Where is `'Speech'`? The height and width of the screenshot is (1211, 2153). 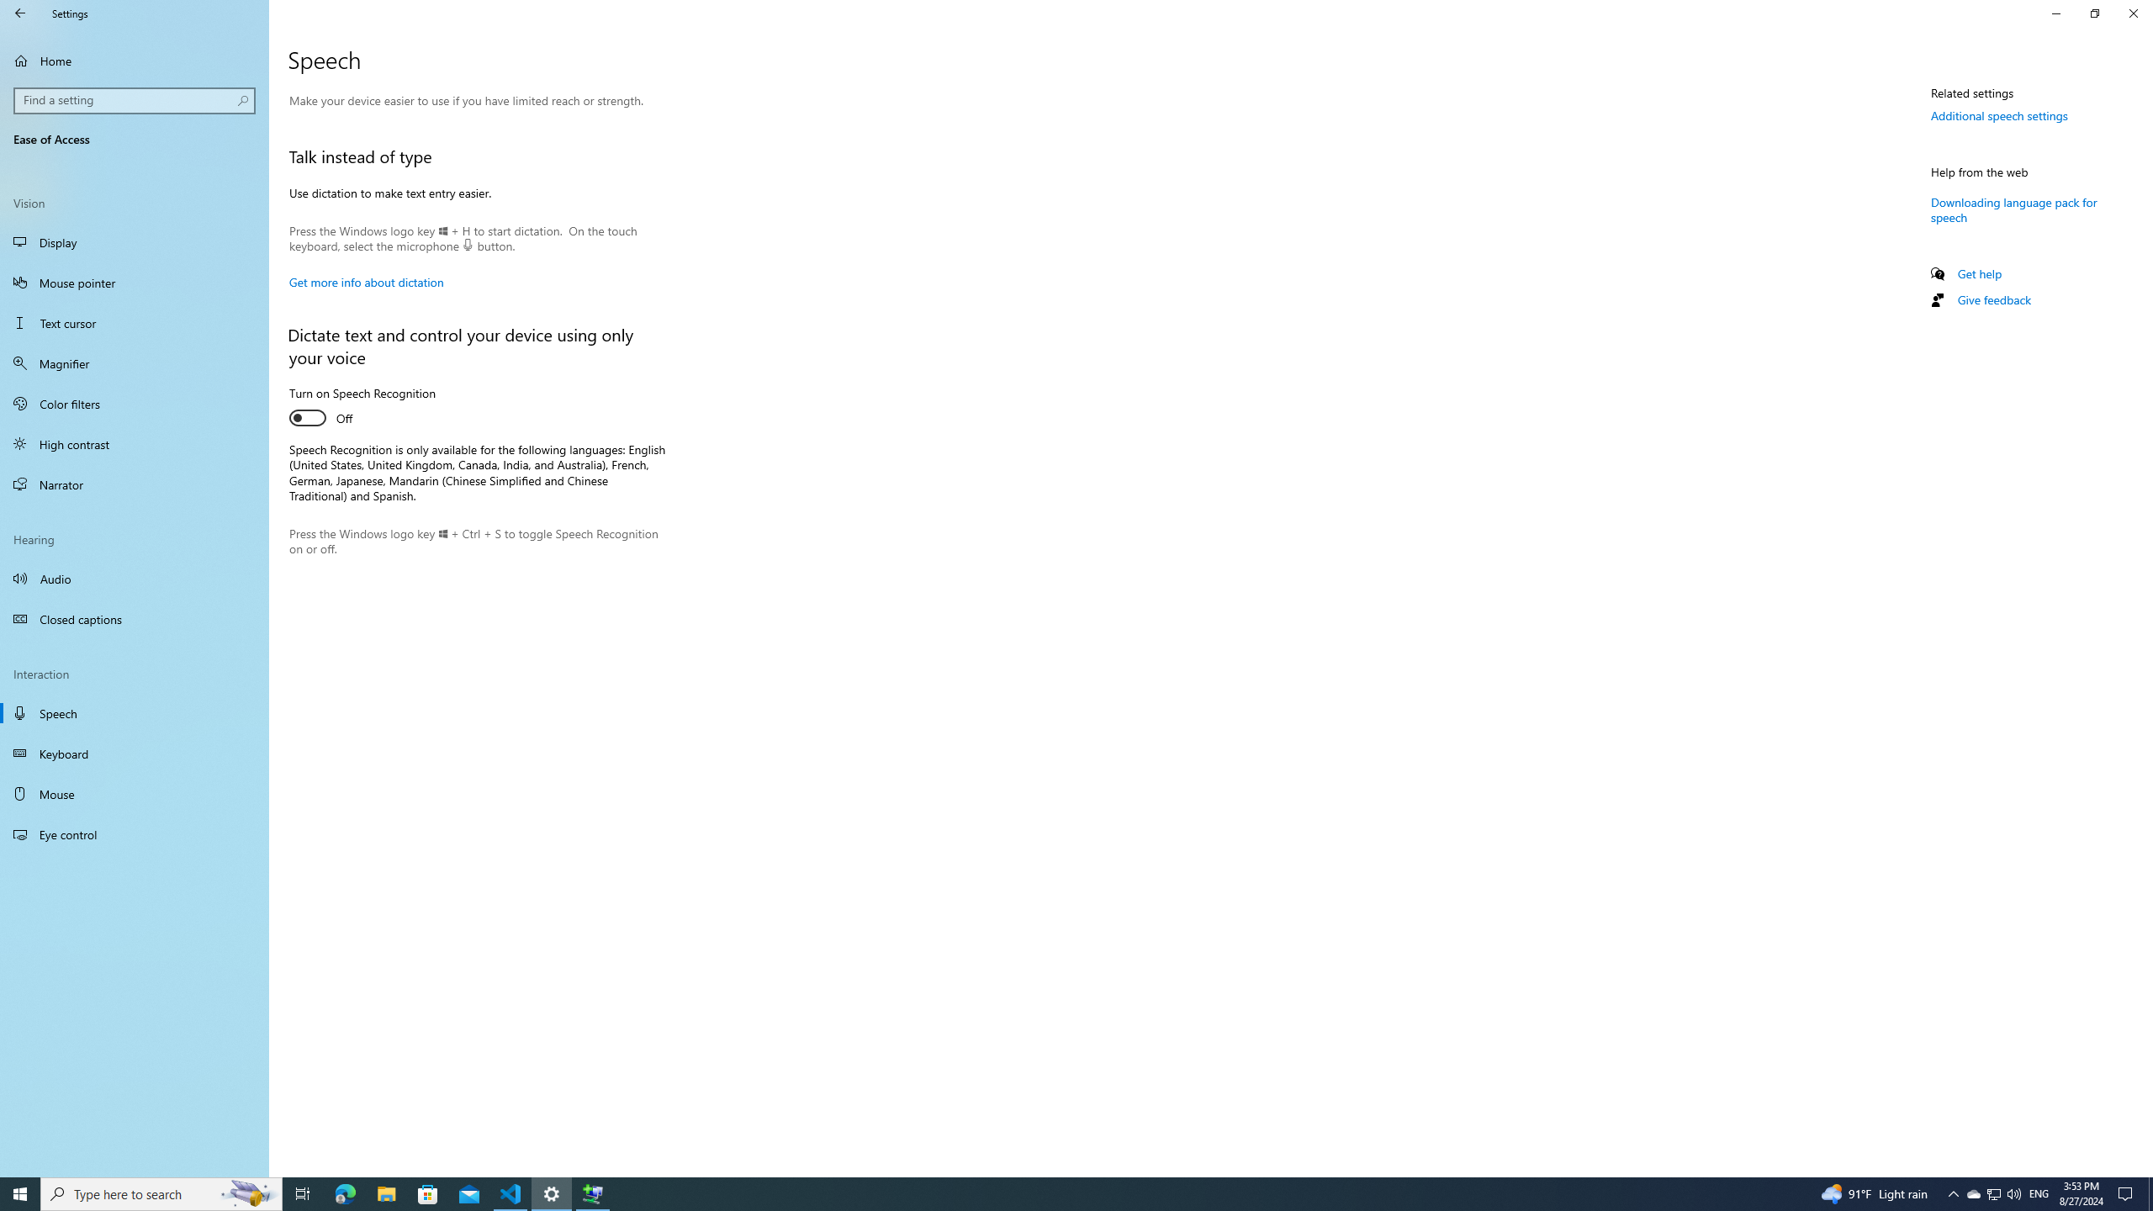 'Speech' is located at coordinates (134, 712).